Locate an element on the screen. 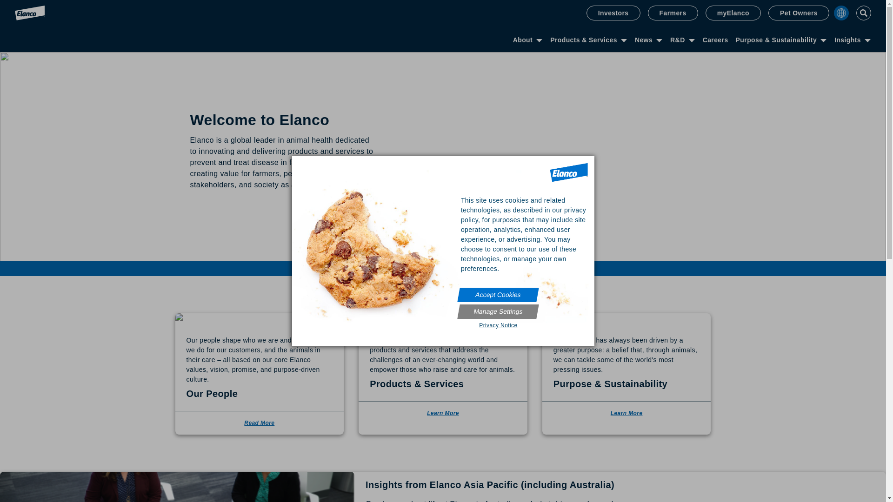  'Insights' is located at coordinates (847, 40).